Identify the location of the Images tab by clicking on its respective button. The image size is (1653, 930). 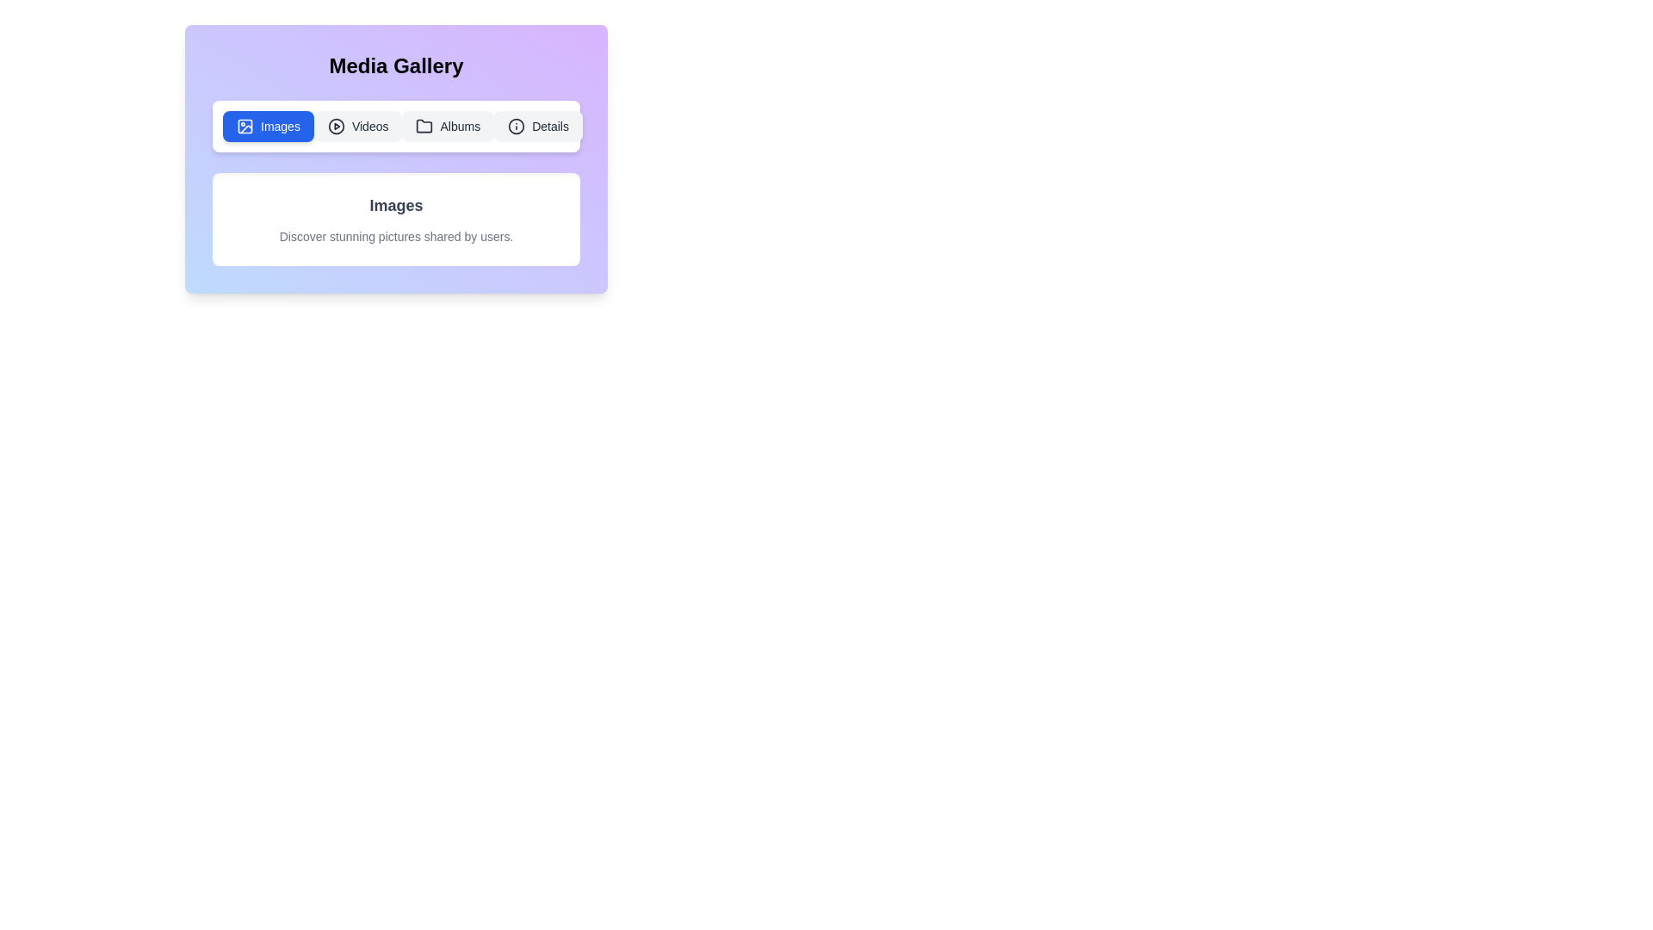
(268, 125).